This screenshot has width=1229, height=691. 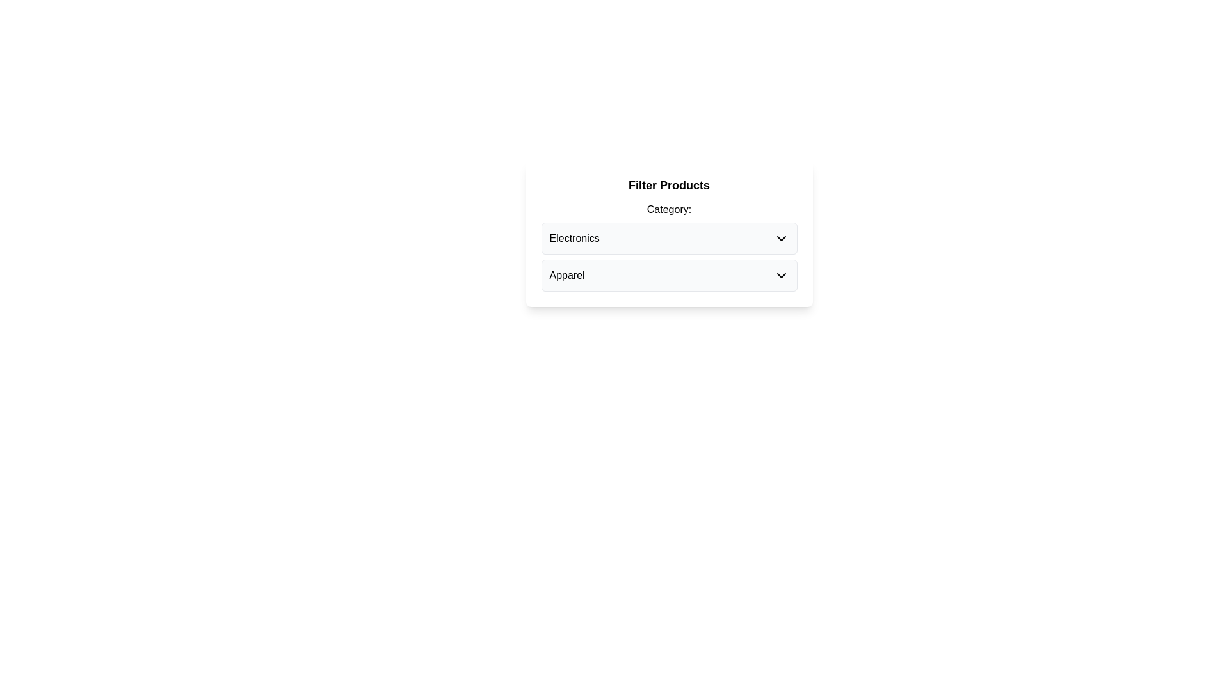 I want to click on the 'Apparel' text within the dropdown menu, so click(x=566, y=275).